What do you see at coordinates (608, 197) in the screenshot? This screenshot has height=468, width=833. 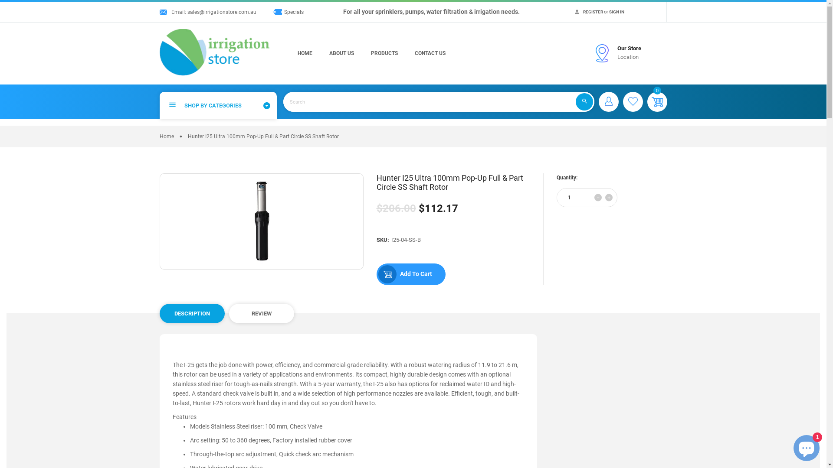 I see `'+` at bounding box center [608, 197].